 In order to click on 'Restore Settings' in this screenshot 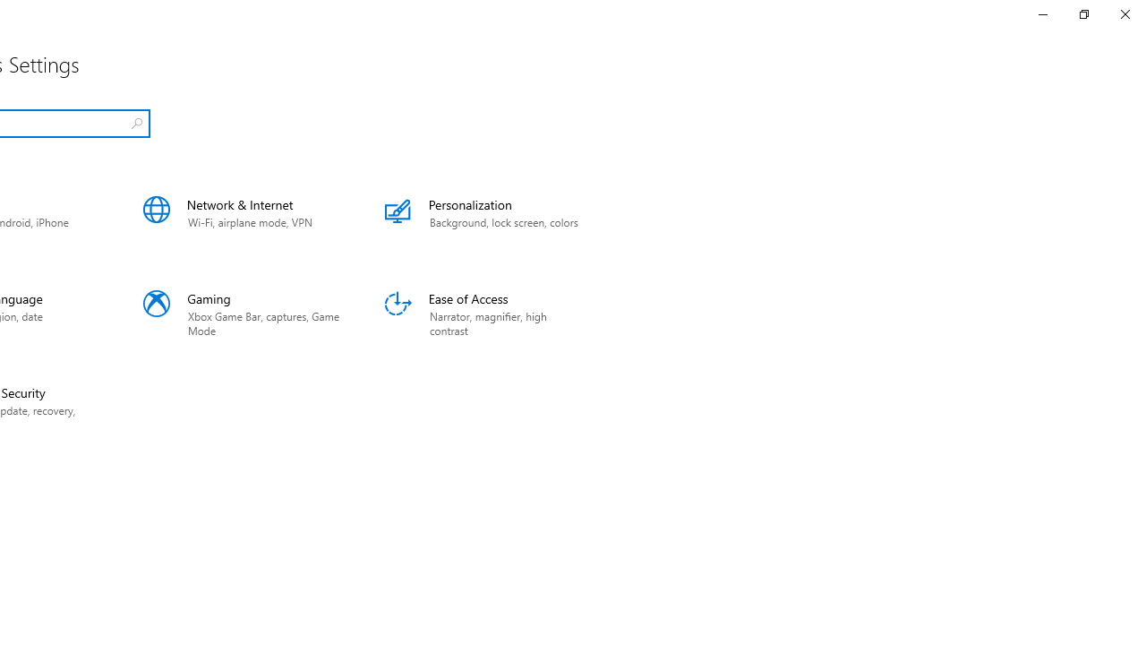, I will do `click(1082, 13)`.